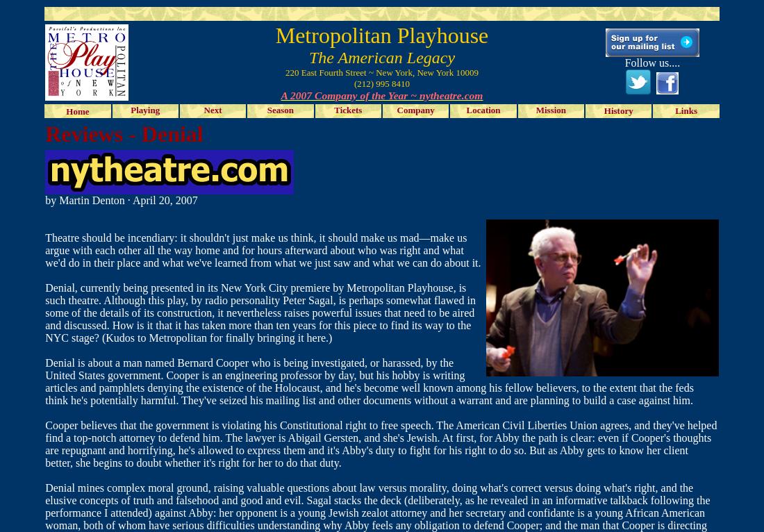 Image resolution: width=764 pixels, height=532 pixels. What do you see at coordinates (686, 110) in the screenshot?
I see `'Links'` at bounding box center [686, 110].